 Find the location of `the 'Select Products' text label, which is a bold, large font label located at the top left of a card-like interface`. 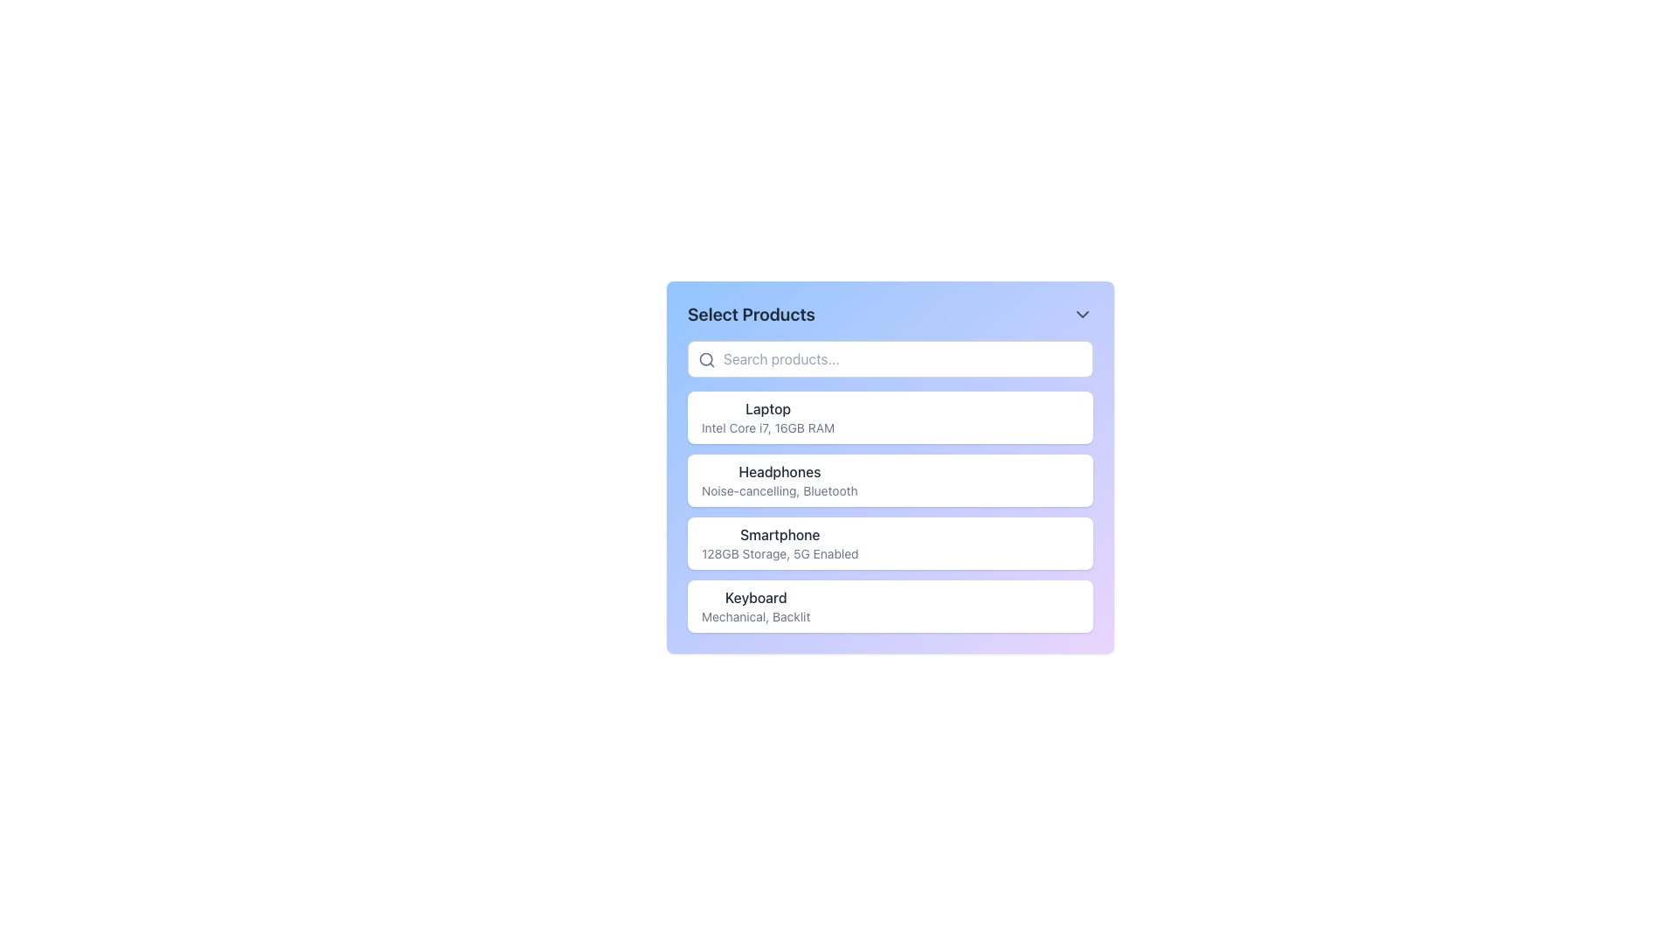

the 'Select Products' text label, which is a bold, large font label located at the top left of a card-like interface is located at coordinates (751, 313).